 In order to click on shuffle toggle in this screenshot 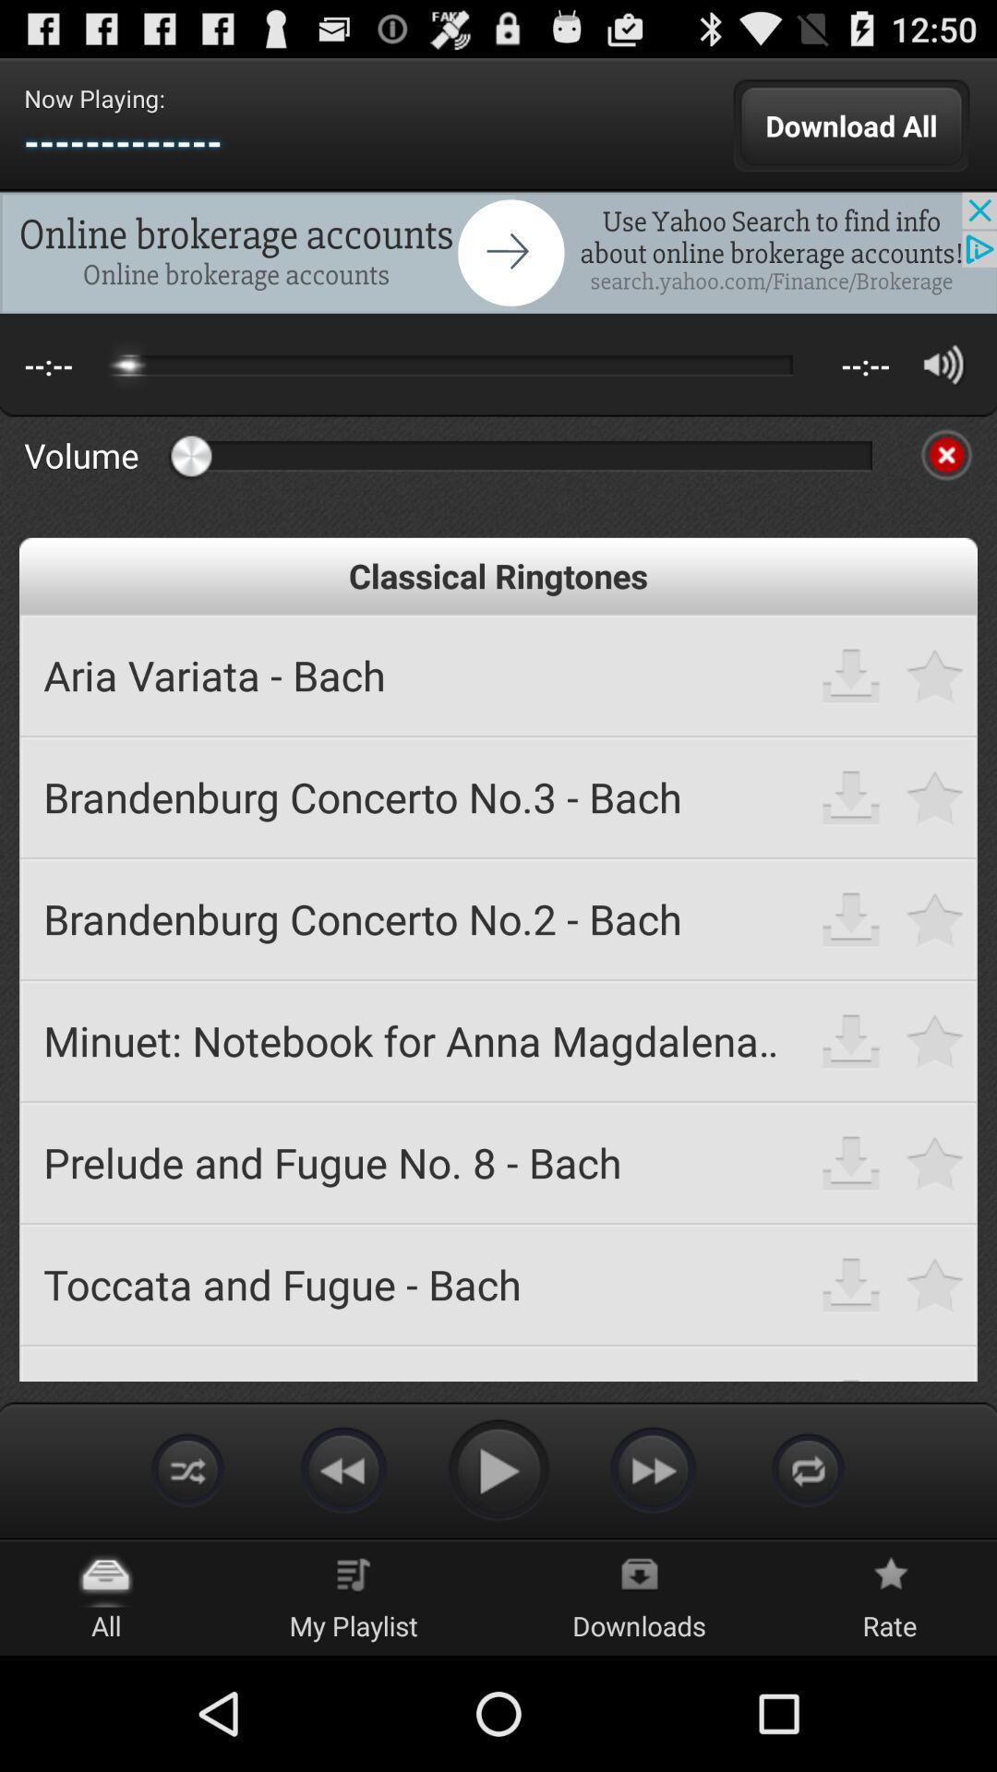, I will do `click(188, 1468)`.